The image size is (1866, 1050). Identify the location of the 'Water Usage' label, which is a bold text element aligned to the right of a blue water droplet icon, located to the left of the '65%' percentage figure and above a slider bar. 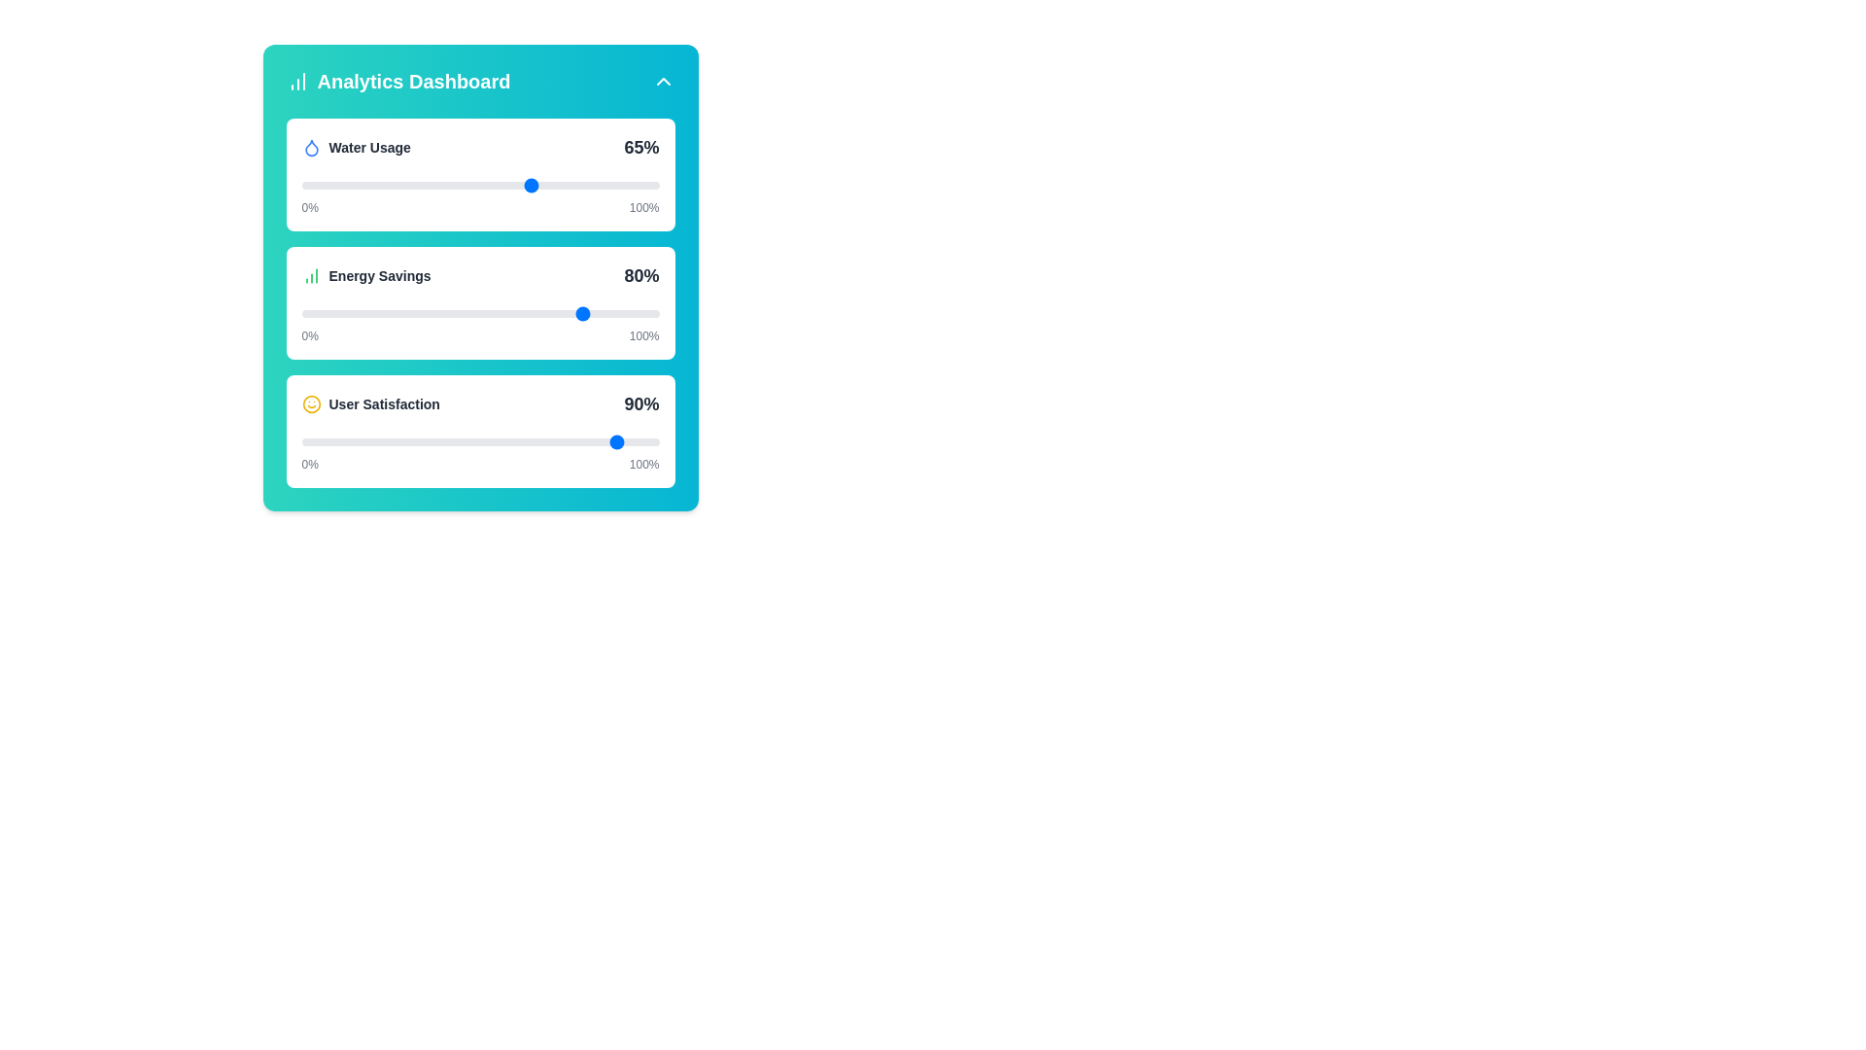
(356, 146).